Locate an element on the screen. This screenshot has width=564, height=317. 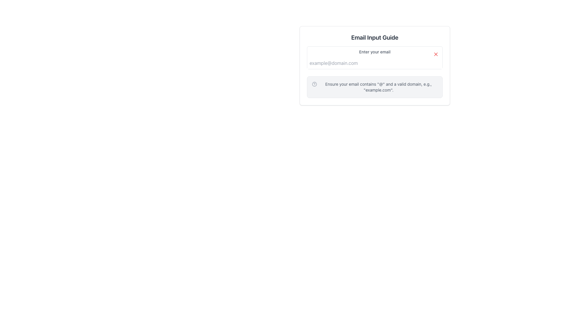
the text instruction that informs users about valid email formatting, which is centrally located underneath the email input box and to the right of the help icon is located at coordinates (378, 87).